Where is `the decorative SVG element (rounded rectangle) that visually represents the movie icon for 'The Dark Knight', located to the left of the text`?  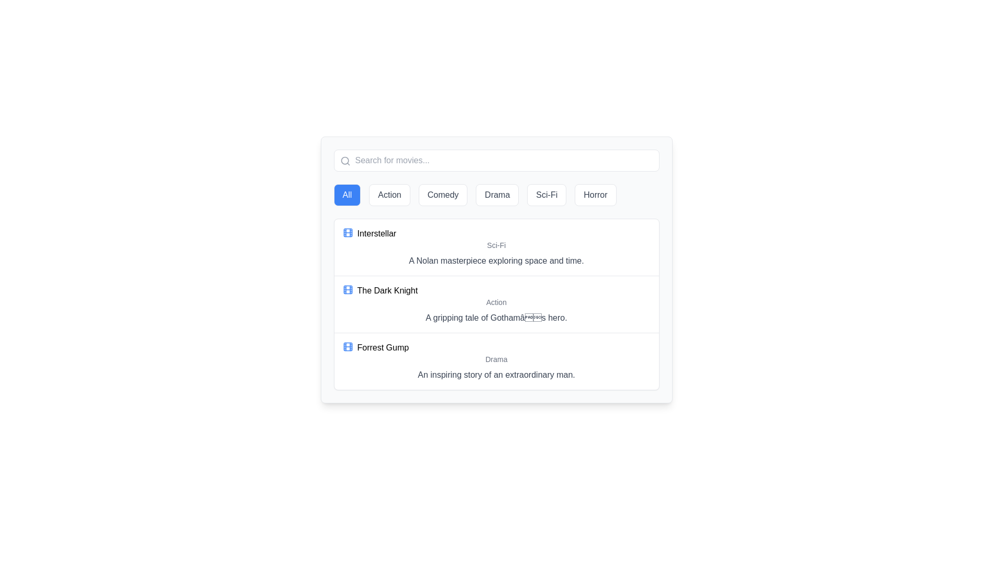
the decorative SVG element (rounded rectangle) that visually represents the movie icon for 'The Dark Knight', located to the left of the text is located at coordinates (348, 290).